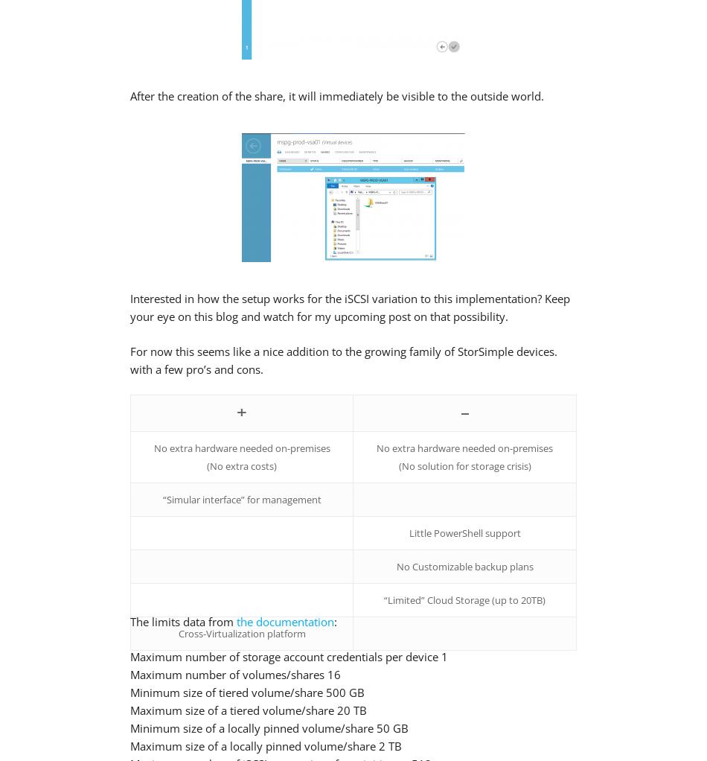 The height and width of the screenshot is (761, 707). I want to click on 'Cross-Virtualization platform', so click(240, 634).